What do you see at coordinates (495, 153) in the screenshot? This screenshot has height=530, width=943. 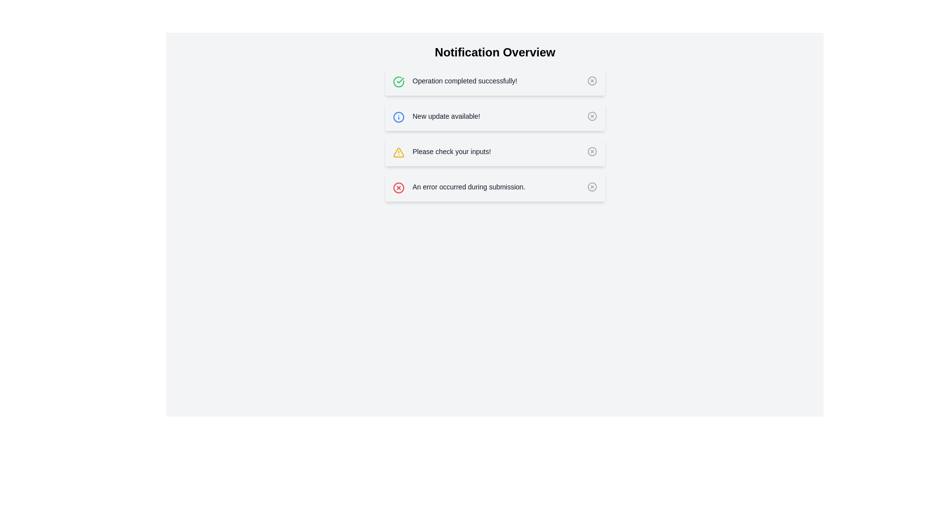 I see `the notification message with dismiss button that displays 'Please check your inputs!' to potentially see additional information` at bounding box center [495, 153].